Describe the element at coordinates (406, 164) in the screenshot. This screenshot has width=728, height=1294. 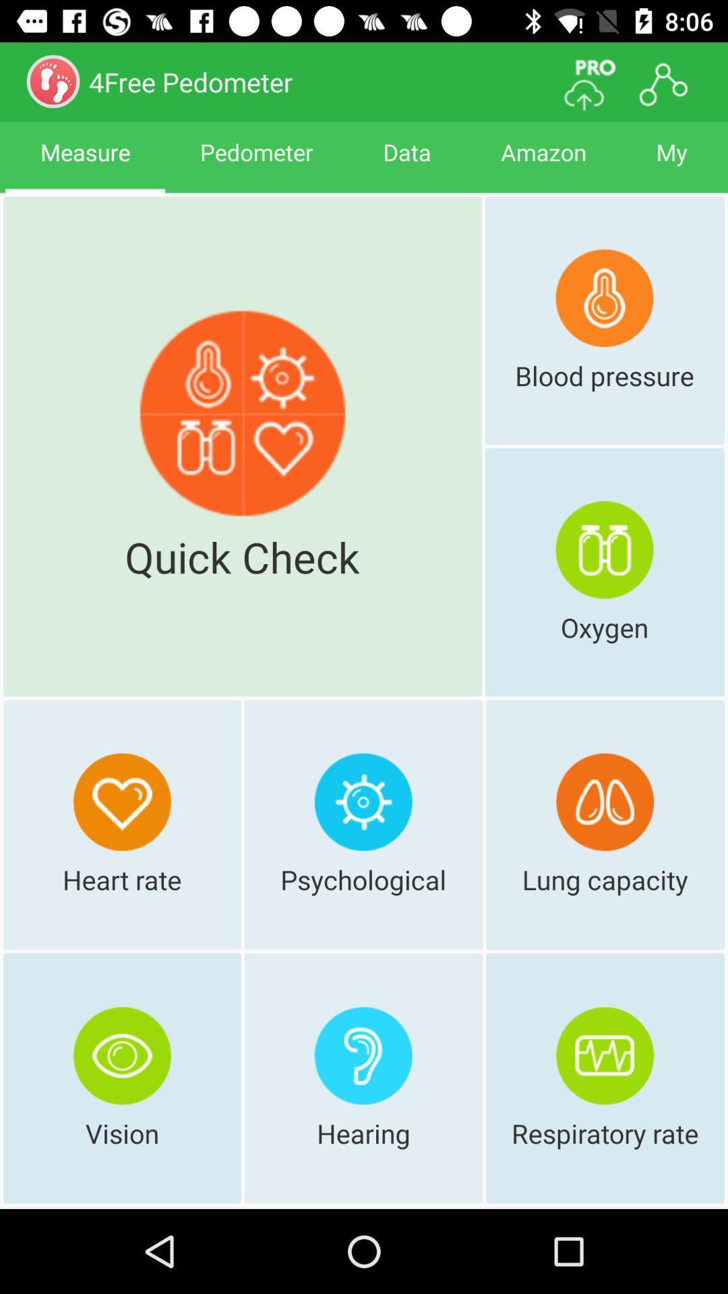
I see `app to the right of pedometer` at that location.